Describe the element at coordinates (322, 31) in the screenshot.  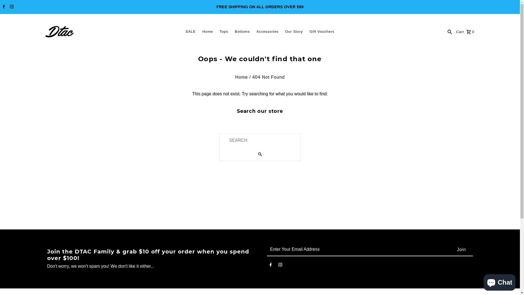
I see `'Gift Vouchers'` at that location.